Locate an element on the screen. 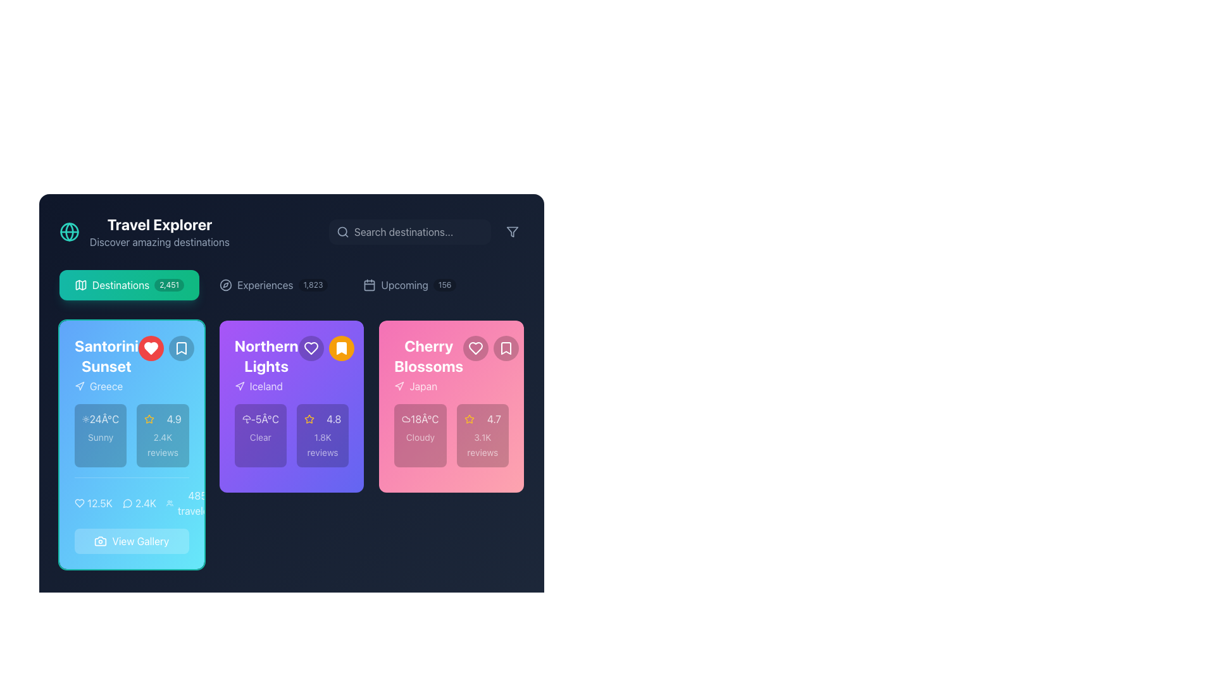  the small calendar icon in the navigation menu is located at coordinates (369, 285).